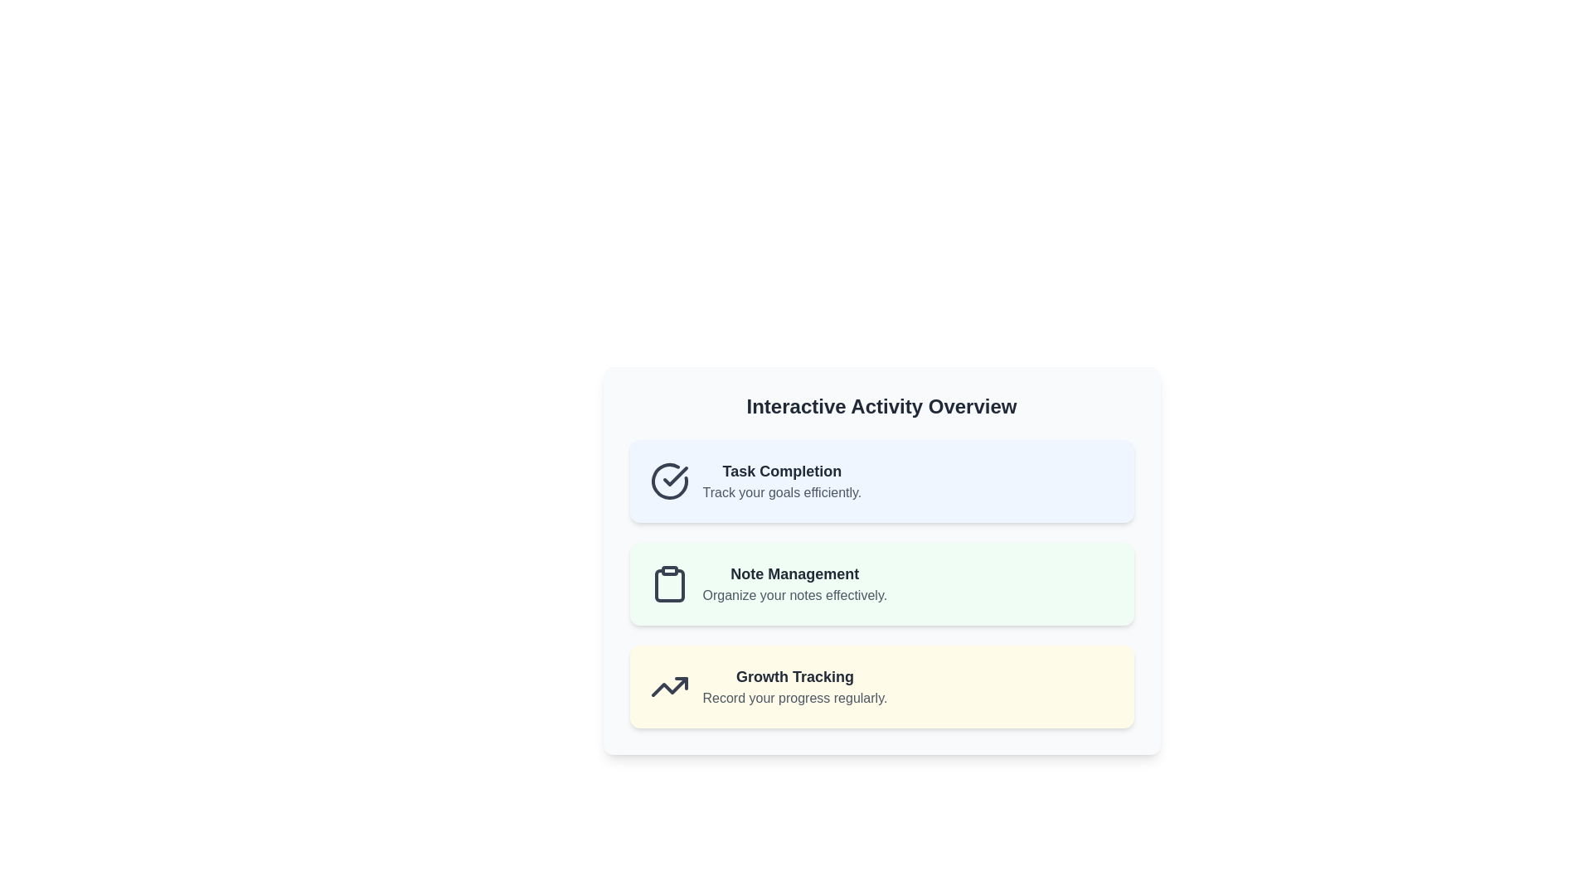 The height and width of the screenshot is (895, 1592). I want to click on the 'Note Management' header text label, which is a bold title in dark gray, located at the center top of a greenish box, so click(794, 573).